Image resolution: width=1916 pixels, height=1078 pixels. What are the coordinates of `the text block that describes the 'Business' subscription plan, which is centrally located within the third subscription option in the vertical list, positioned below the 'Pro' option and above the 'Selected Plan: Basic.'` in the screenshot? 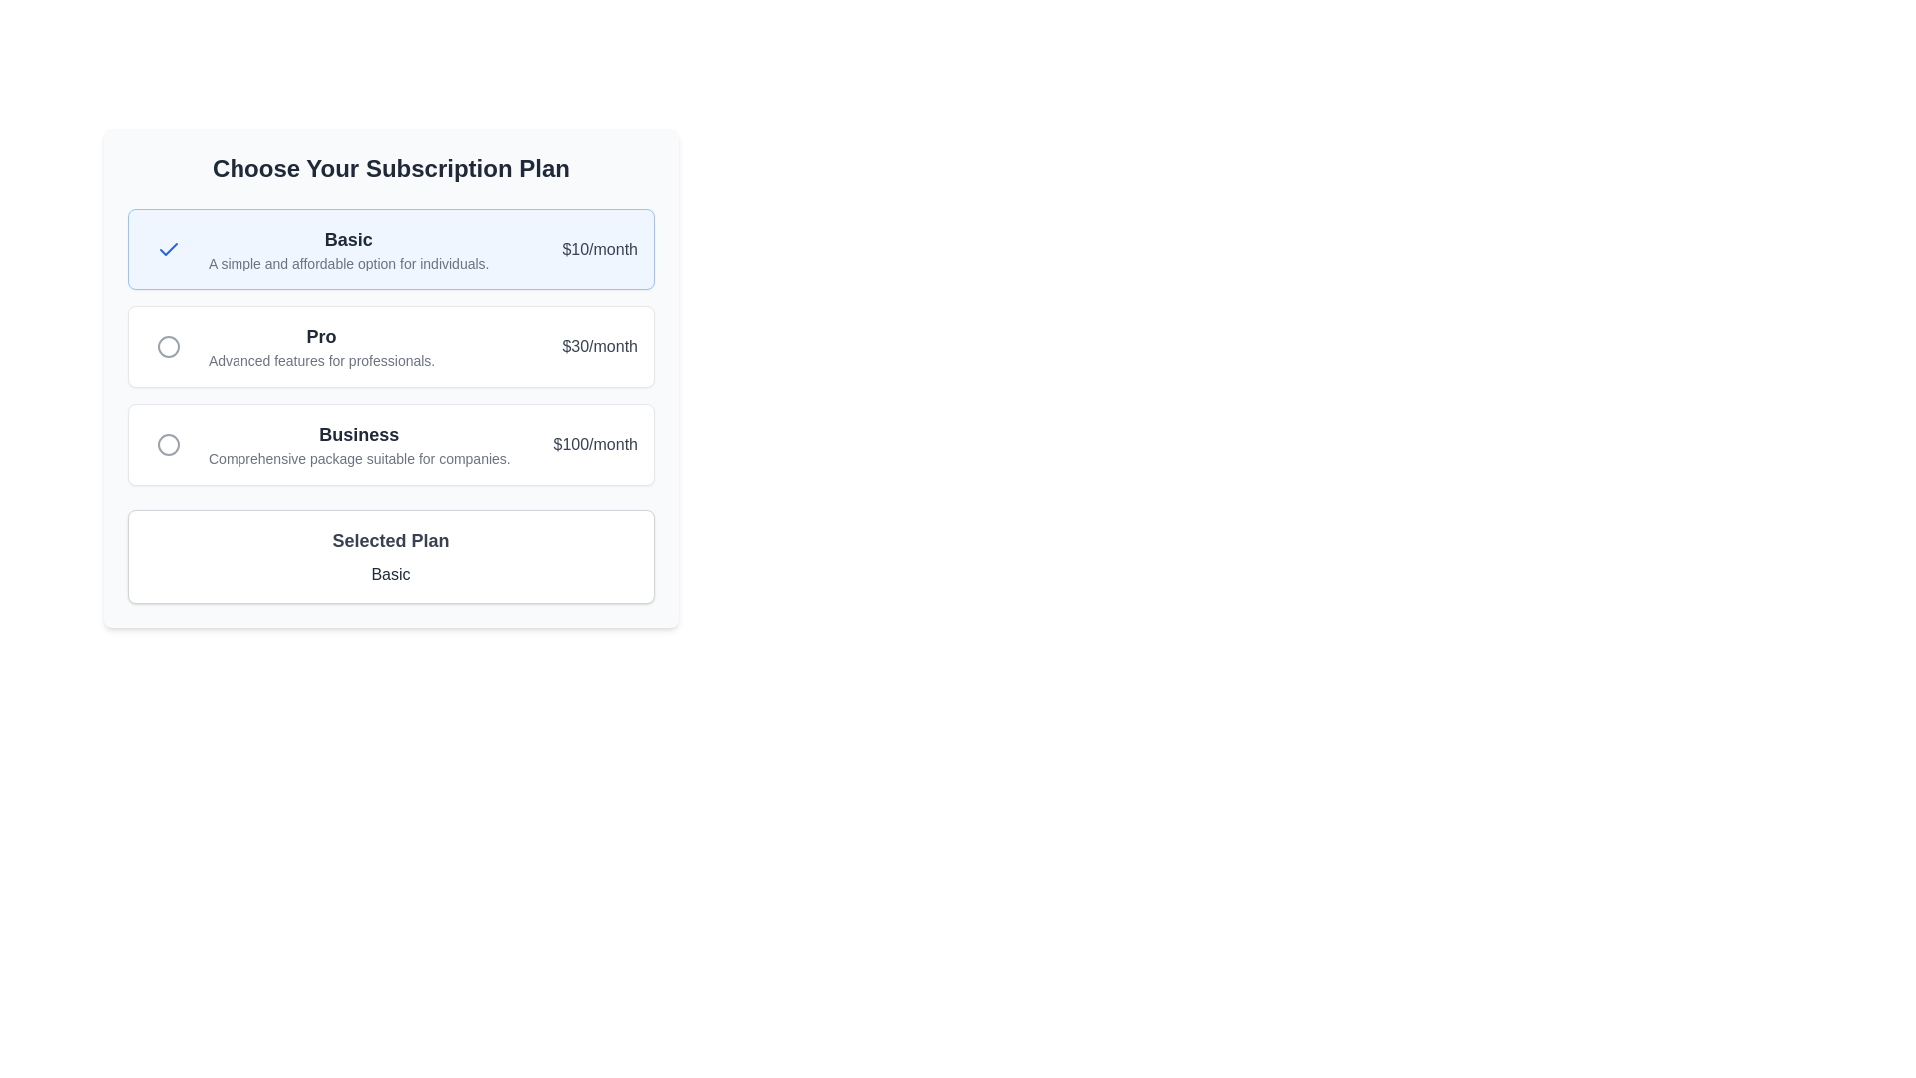 It's located at (359, 444).